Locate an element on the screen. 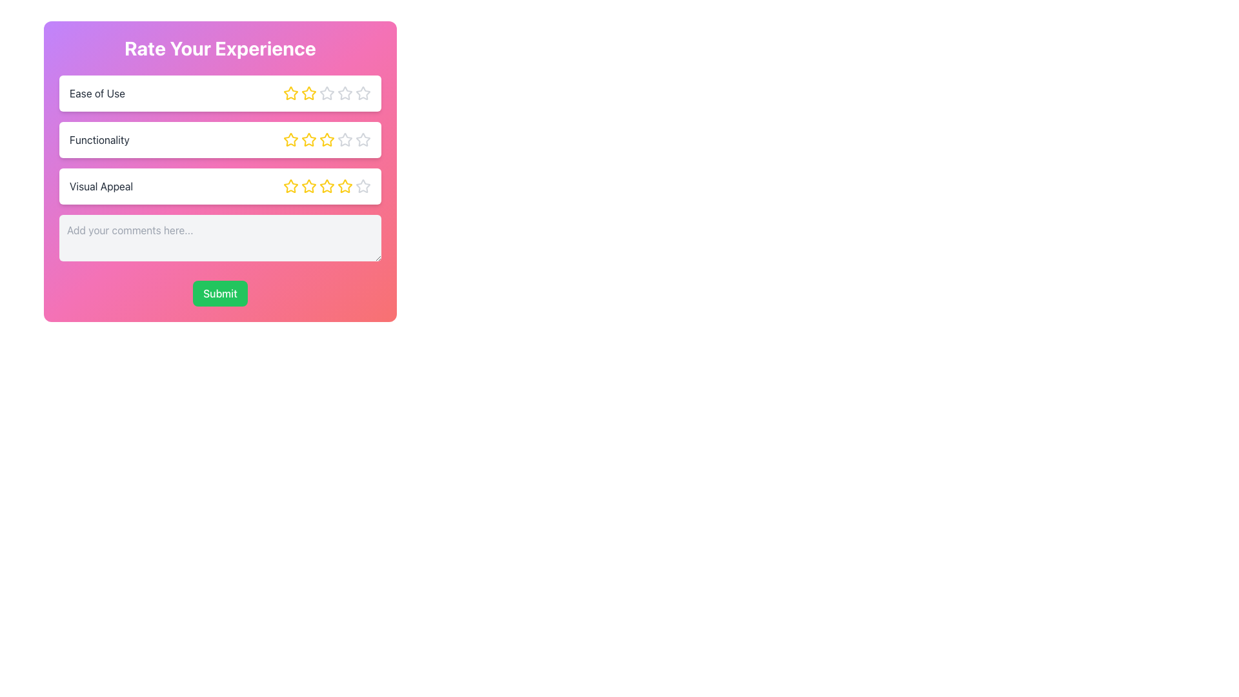  the third yellow star icon in the 'Rate Your Experience' section is located at coordinates (327, 139).